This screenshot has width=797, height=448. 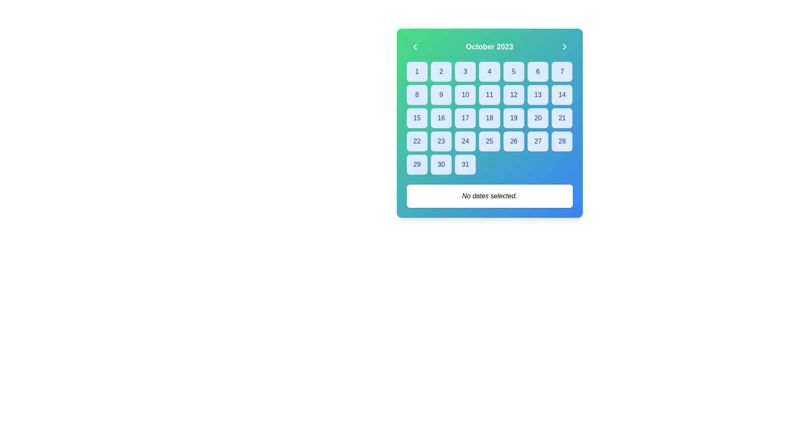 I want to click on the text element displaying 'October 2023' in bold font, located centrally in the header of the calendar interface, so click(x=489, y=46).